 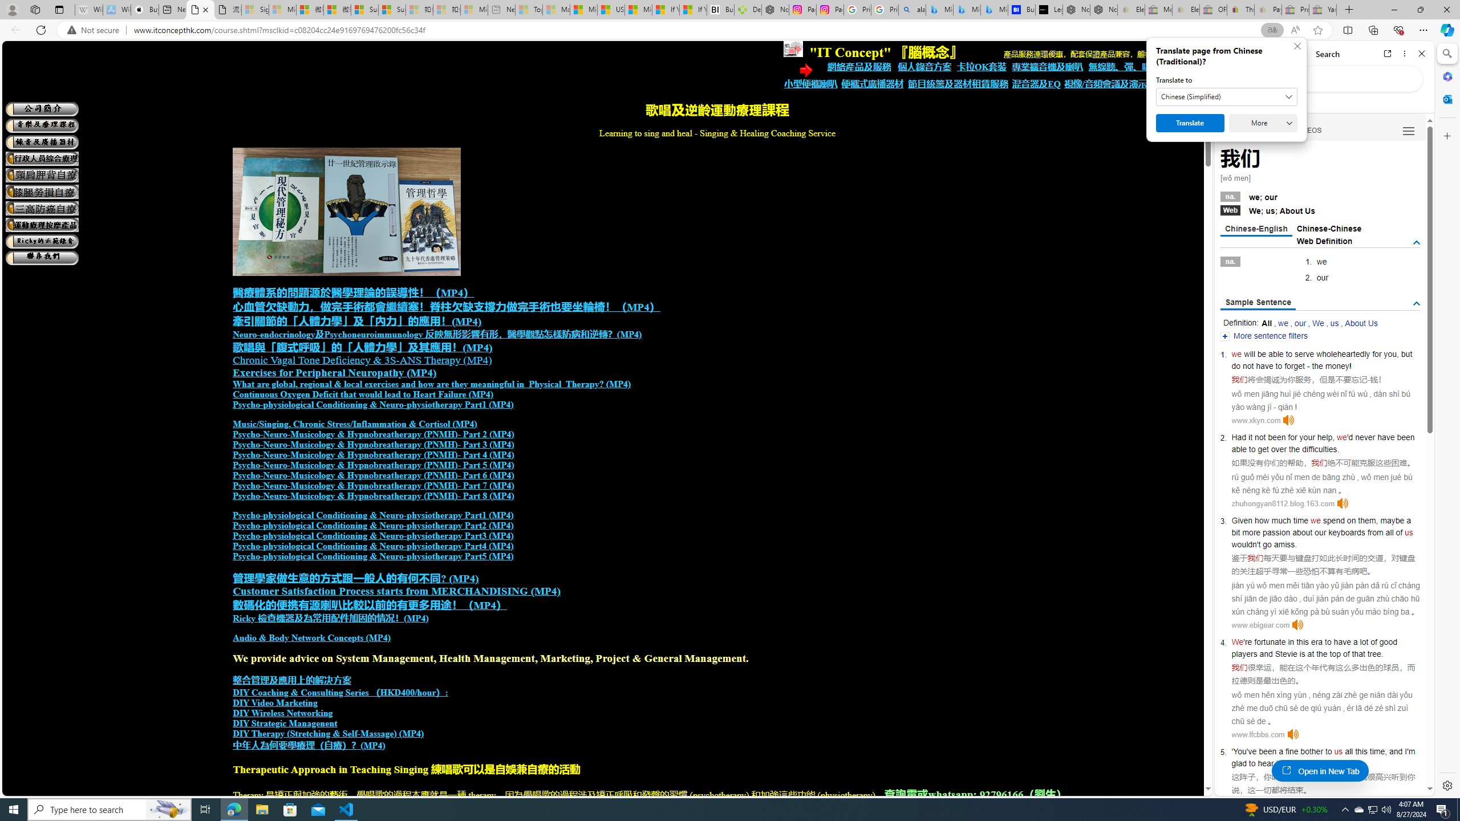 What do you see at coordinates (1329, 78) in the screenshot?
I see `'Search the web'` at bounding box center [1329, 78].